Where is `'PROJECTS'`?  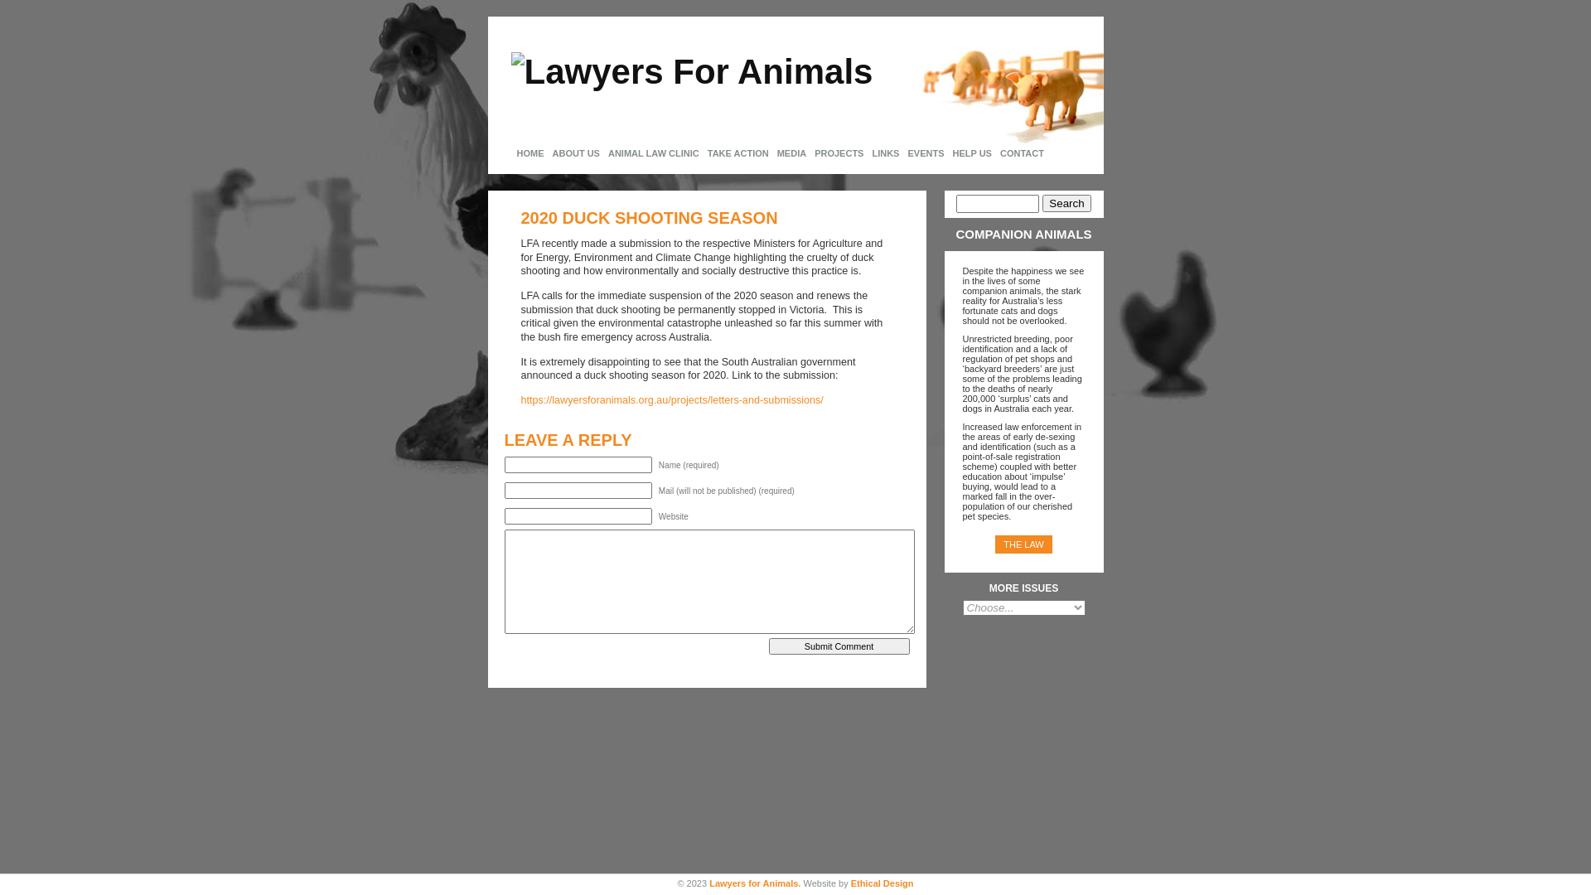
'PROJECTS' is located at coordinates (810, 153).